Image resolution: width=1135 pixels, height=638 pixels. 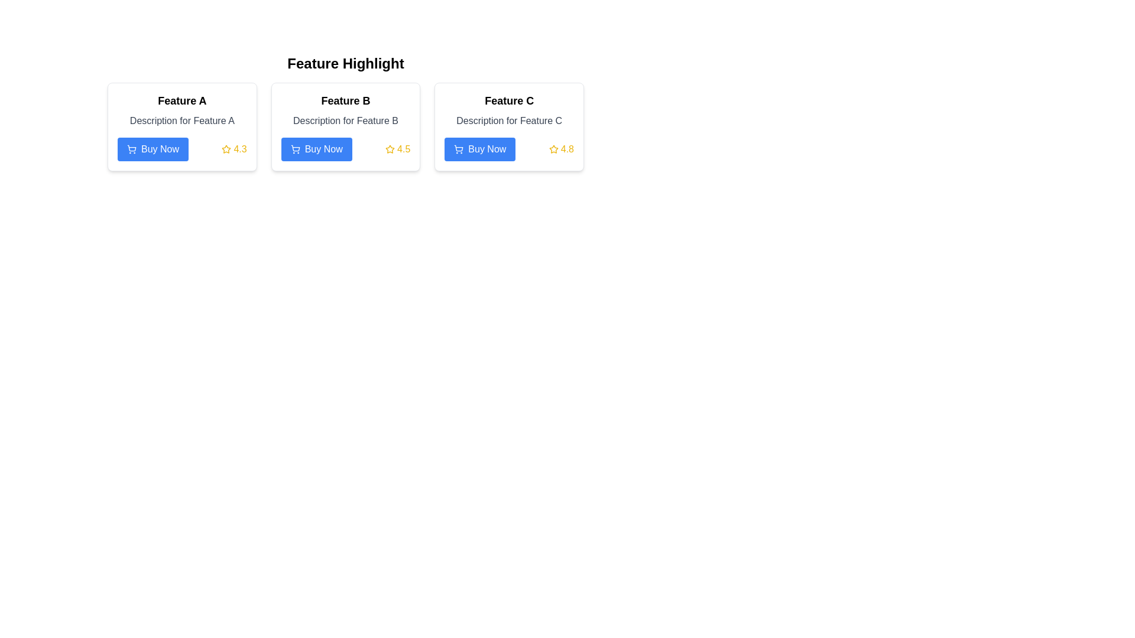 I want to click on the Header text that represents 'Feature C' located at the top section of the third card in the 'Feature Highlight' section, so click(x=509, y=100).